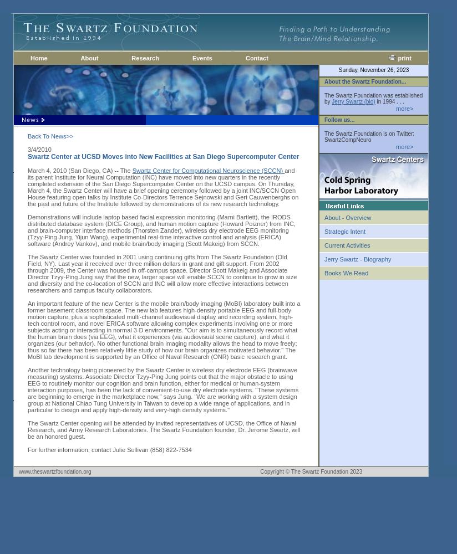  Describe the element at coordinates (54, 471) in the screenshot. I see `'www.theswartzfoundation.org'` at that location.